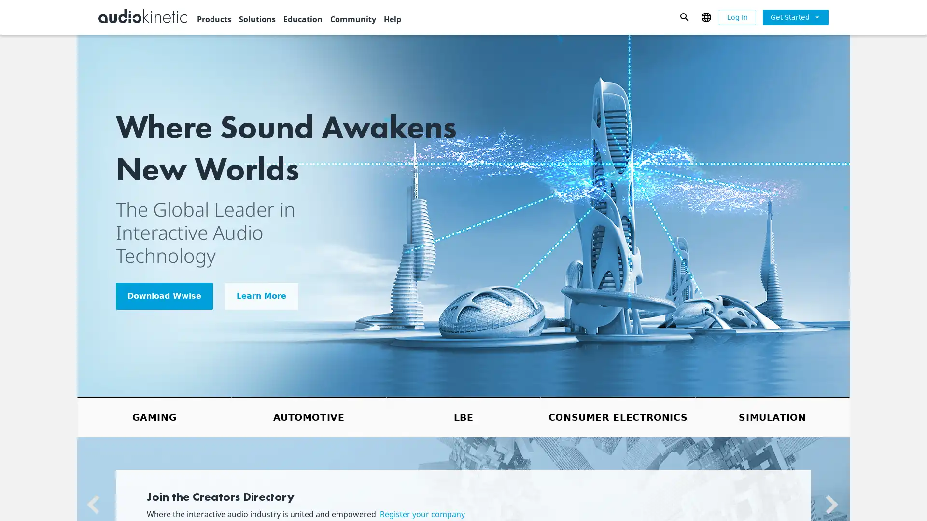 This screenshot has height=521, width=927. What do you see at coordinates (618, 416) in the screenshot?
I see `CONSUMER ELECTRONICS` at bounding box center [618, 416].